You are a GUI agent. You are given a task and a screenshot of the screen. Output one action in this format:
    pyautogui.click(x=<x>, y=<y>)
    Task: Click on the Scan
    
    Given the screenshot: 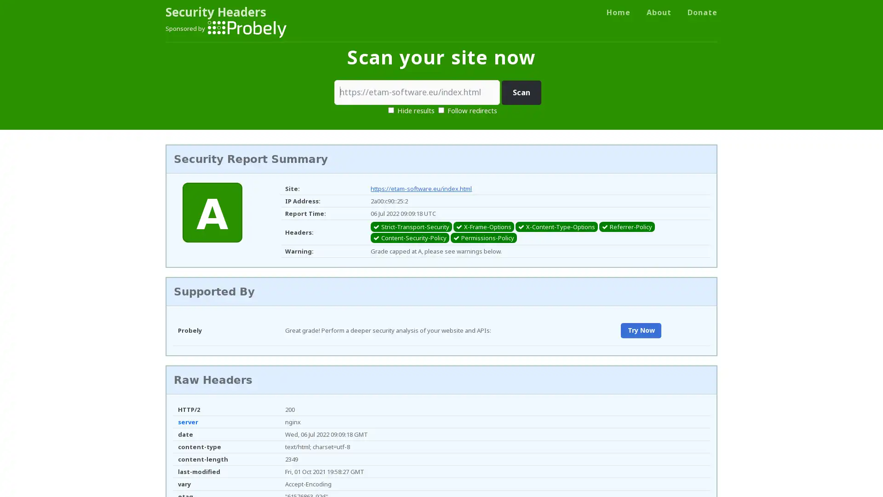 What is the action you would take?
    pyautogui.click(x=521, y=92)
    